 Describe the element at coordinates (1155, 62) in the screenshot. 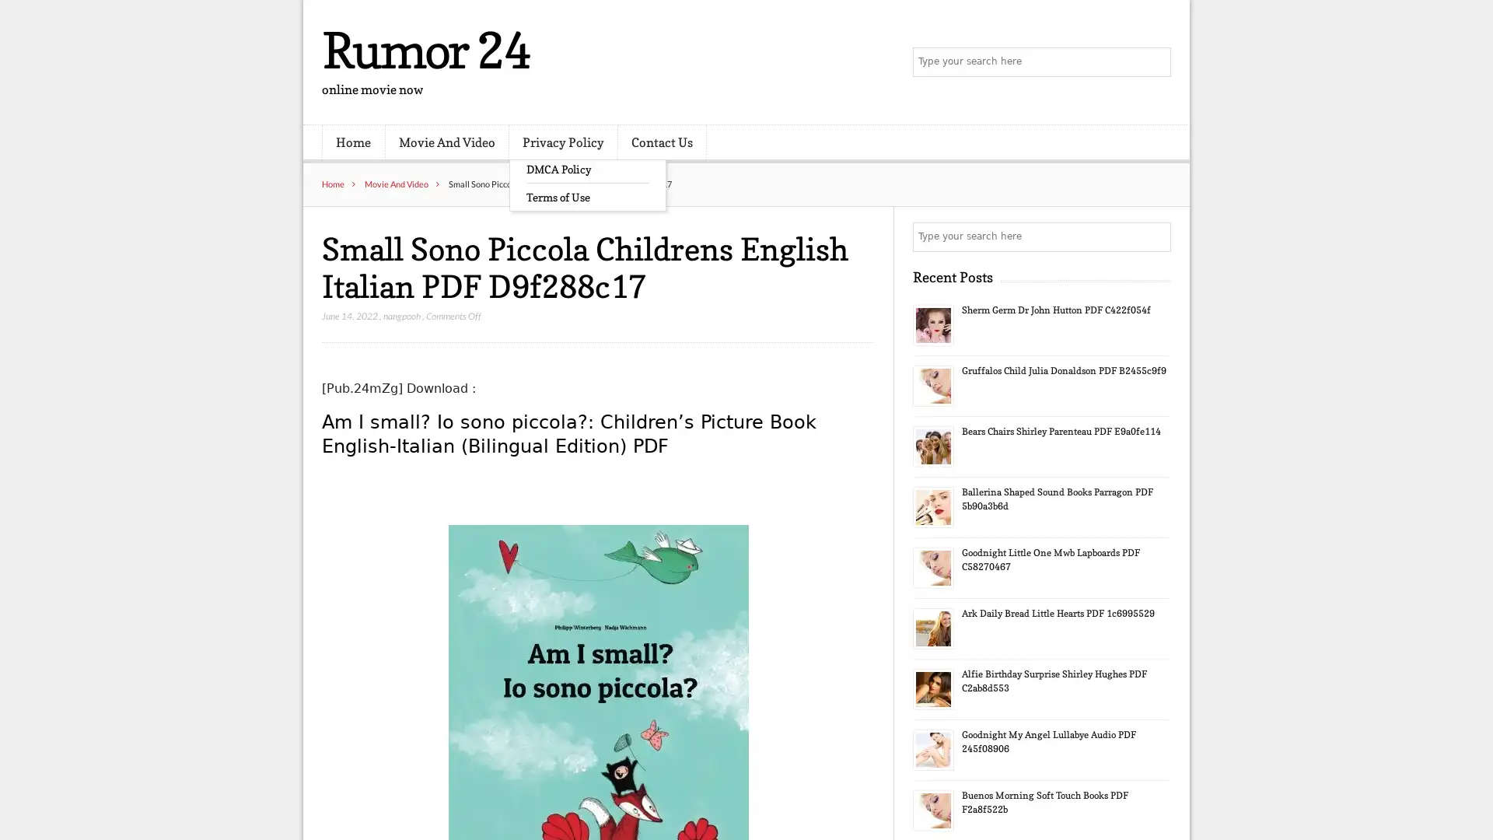

I see `Search` at that location.